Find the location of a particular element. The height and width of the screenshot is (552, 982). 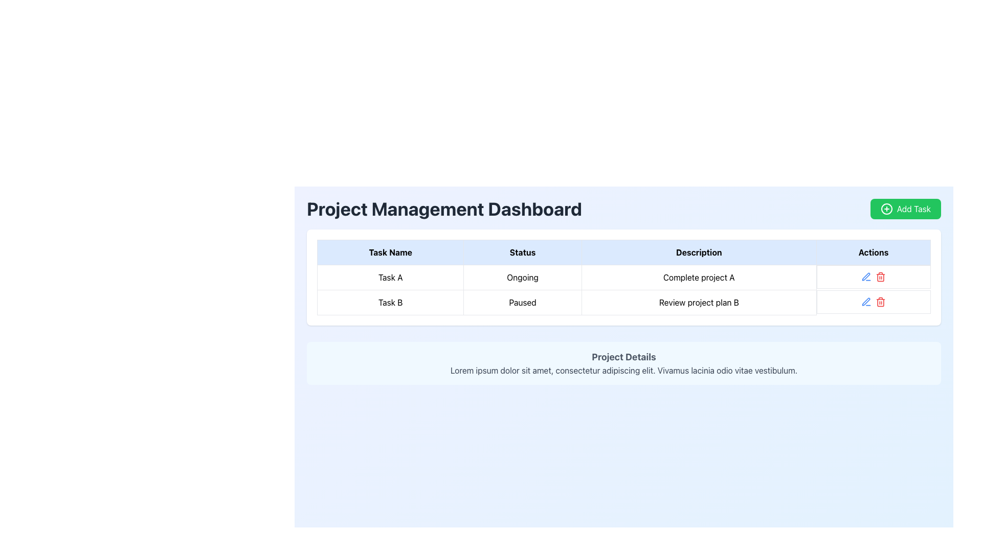

the edit icon located in the 'Actions' column of the second row in the table, which allows users to modify details related to the respective row is located at coordinates (865, 277).